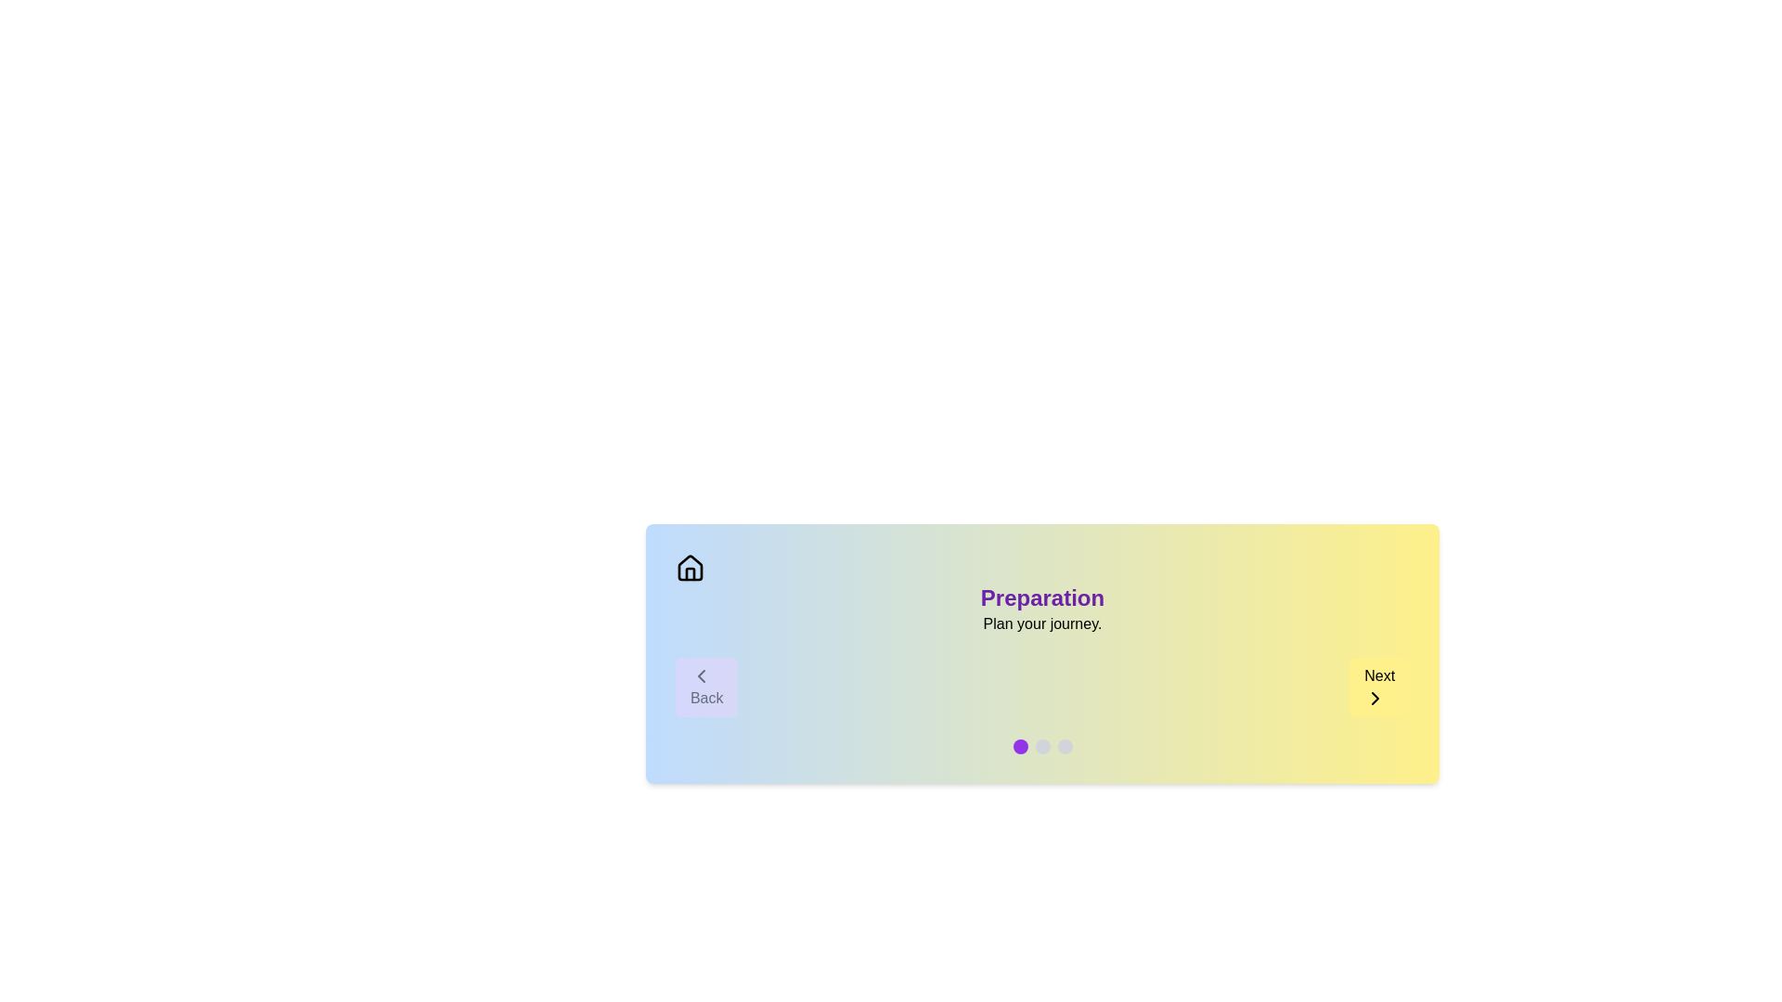  Describe the element at coordinates (1379, 687) in the screenshot. I see `the 'Next' button to navigate to the next step` at that location.